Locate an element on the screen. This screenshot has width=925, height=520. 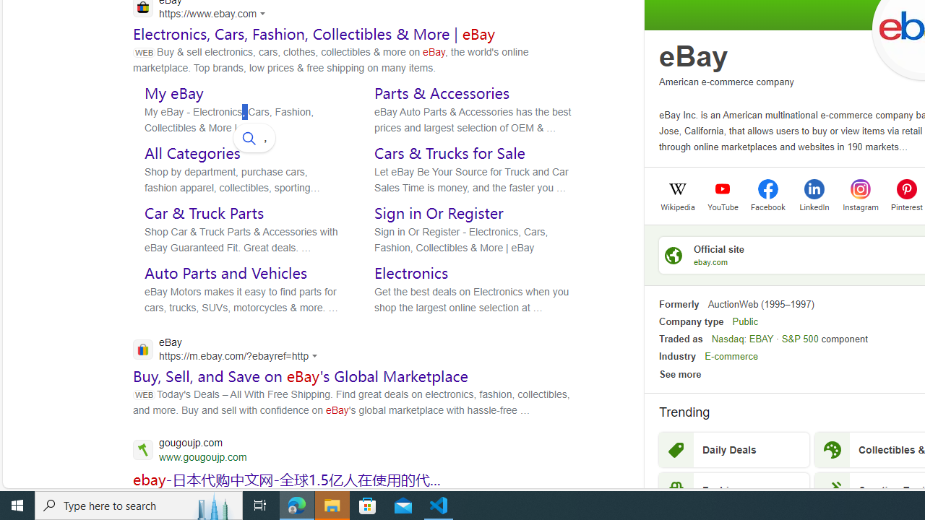
'Wikipedia' is located at coordinates (676, 206).